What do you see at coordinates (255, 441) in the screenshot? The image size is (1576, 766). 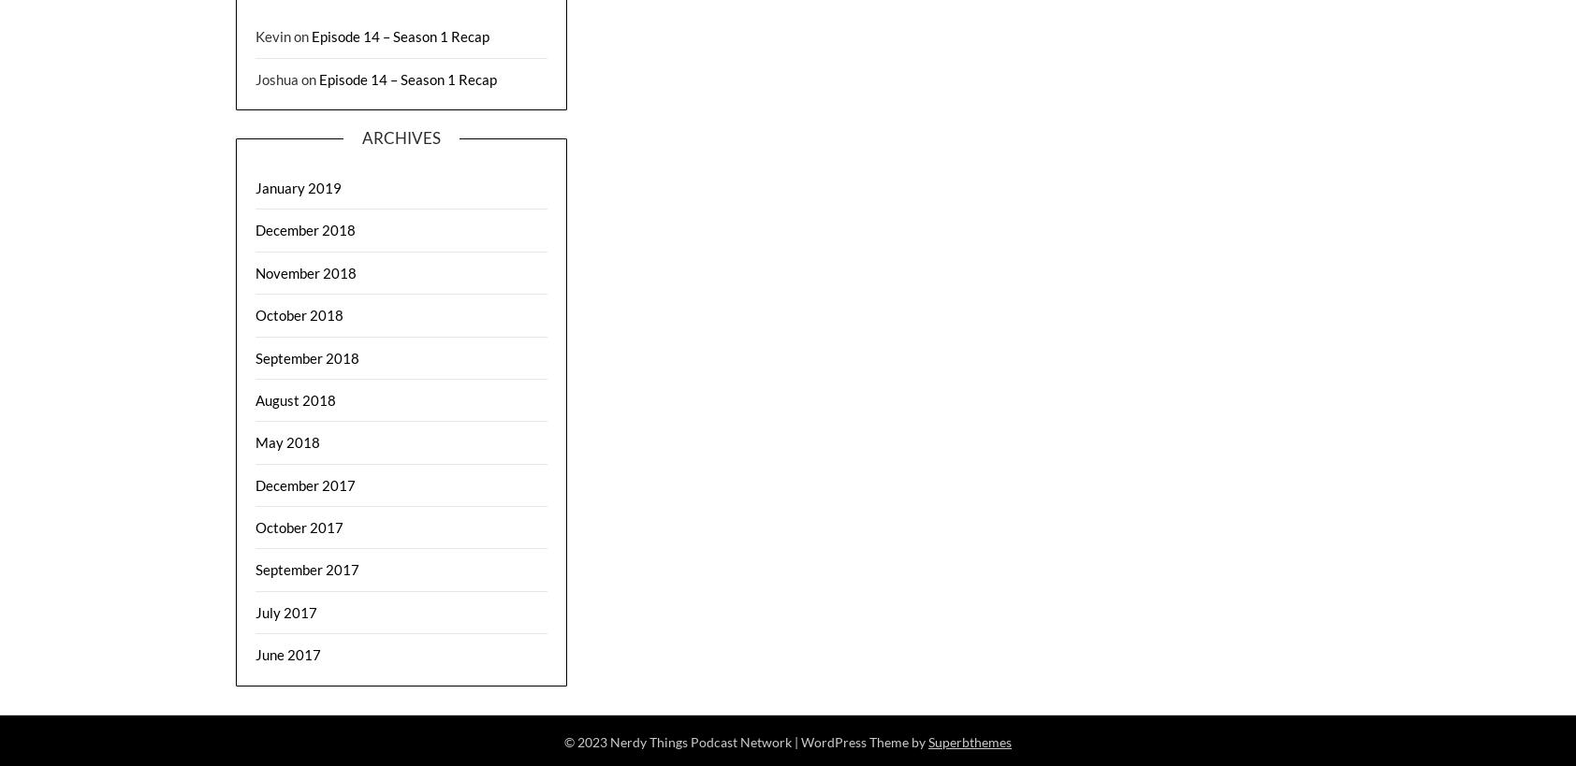 I see `'May 2018'` at bounding box center [255, 441].